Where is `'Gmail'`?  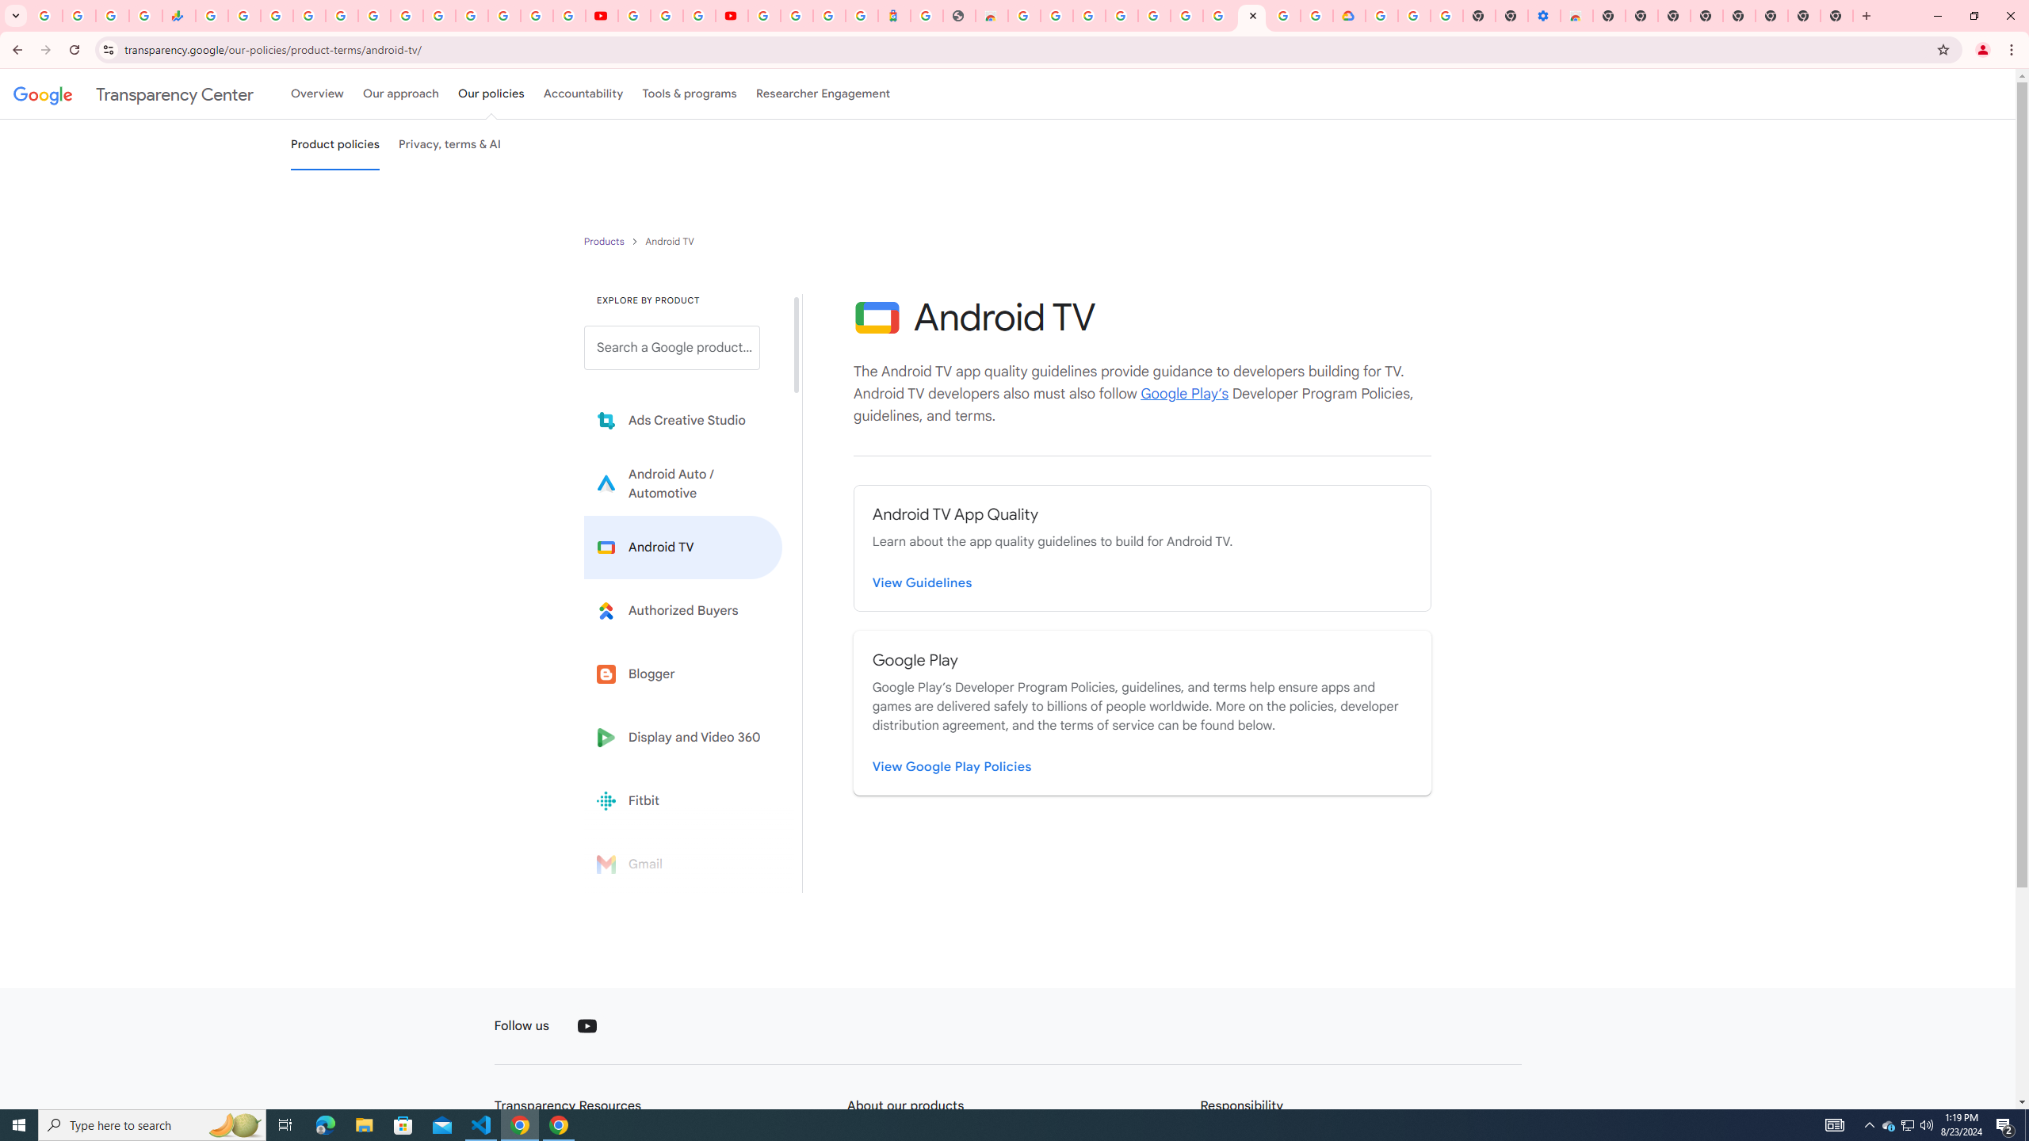
'Gmail' is located at coordinates (682, 863).